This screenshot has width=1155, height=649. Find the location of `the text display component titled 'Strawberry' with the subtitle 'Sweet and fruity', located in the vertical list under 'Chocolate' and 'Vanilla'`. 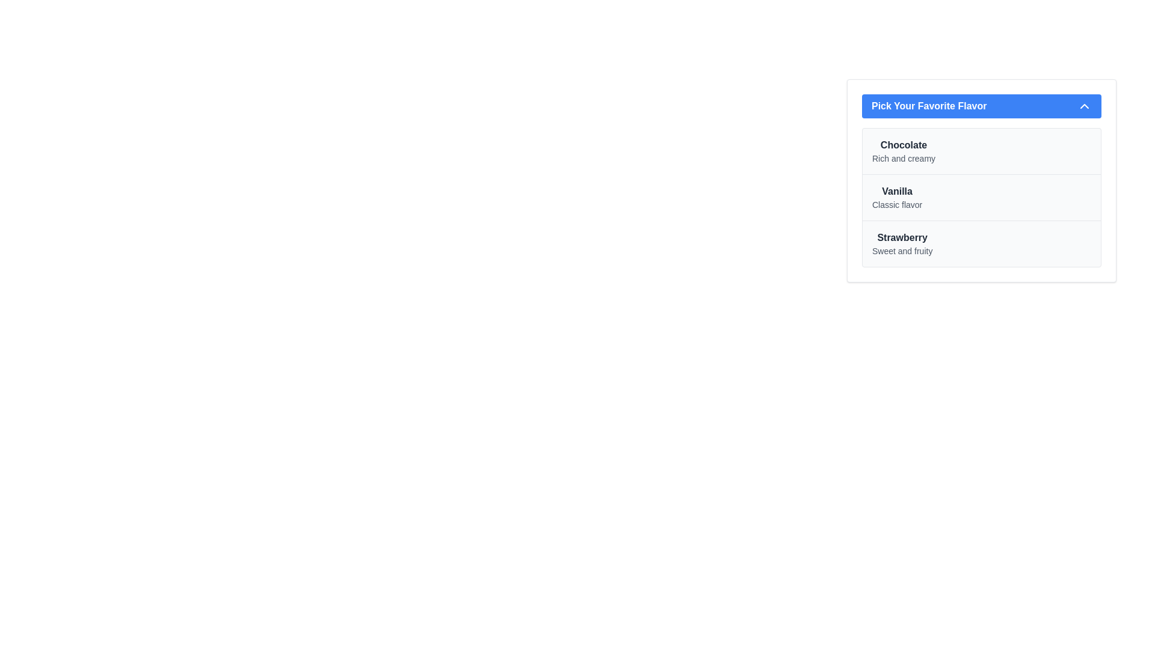

the text display component titled 'Strawberry' with the subtitle 'Sweet and fruity', located in the vertical list under 'Chocolate' and 'Vanilla' is located at coordinates (902, 243).